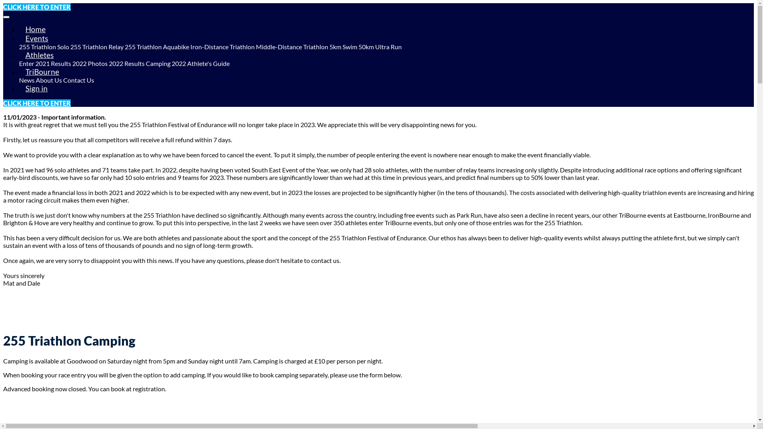 The width and height of the screenshot is (763, 429). I want to click on '2022 Photos', so click(90, 63).